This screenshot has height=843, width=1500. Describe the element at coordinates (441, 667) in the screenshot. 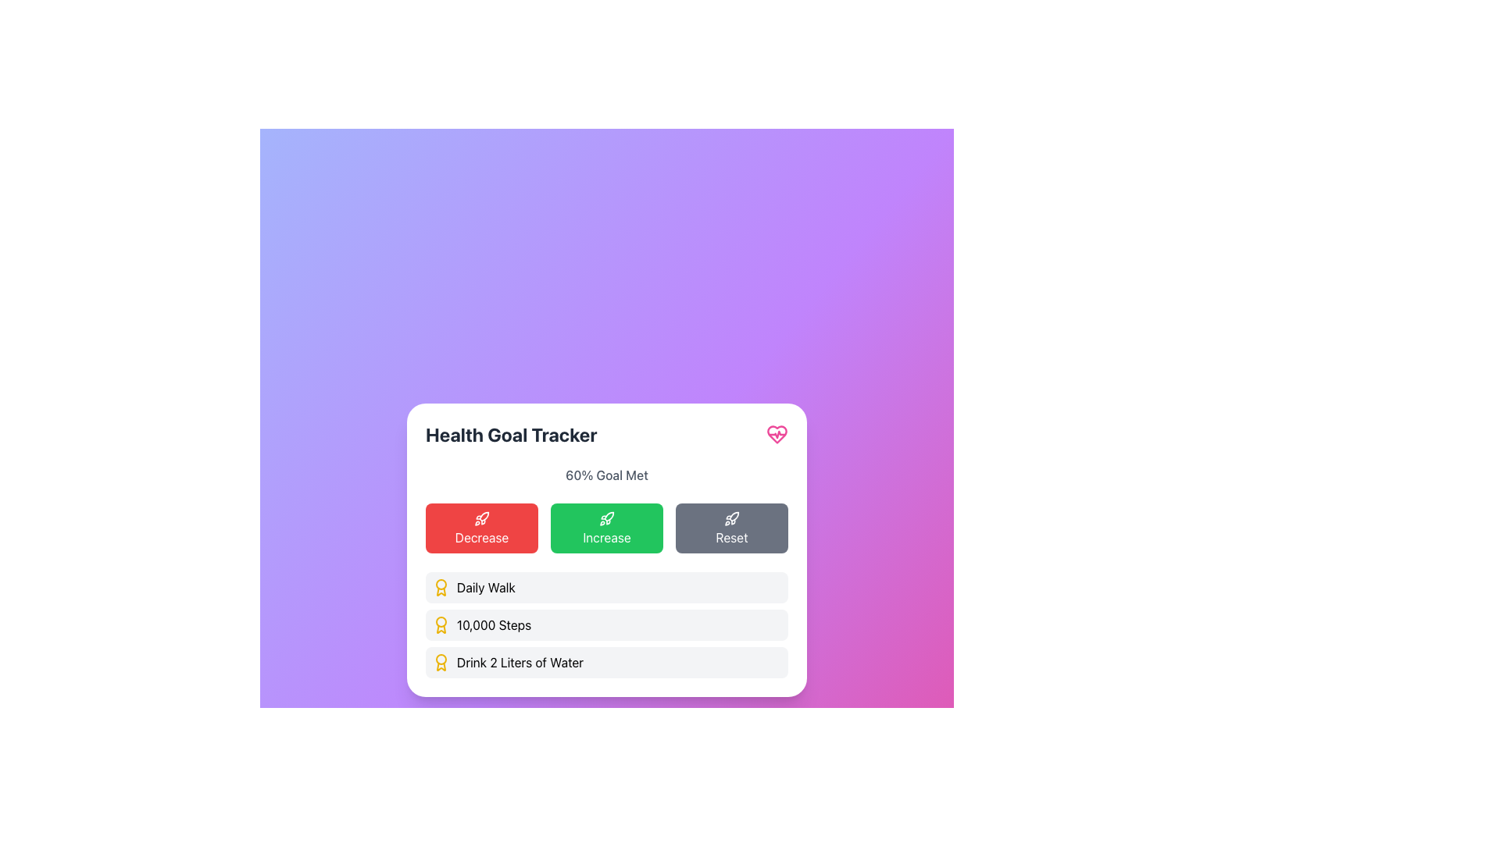

I see `the golden badge-shaped icon that represents an award in the Health Goal Tracker section, located between the '10,000 Steps' badge and the 'Decrease' button` at that location.